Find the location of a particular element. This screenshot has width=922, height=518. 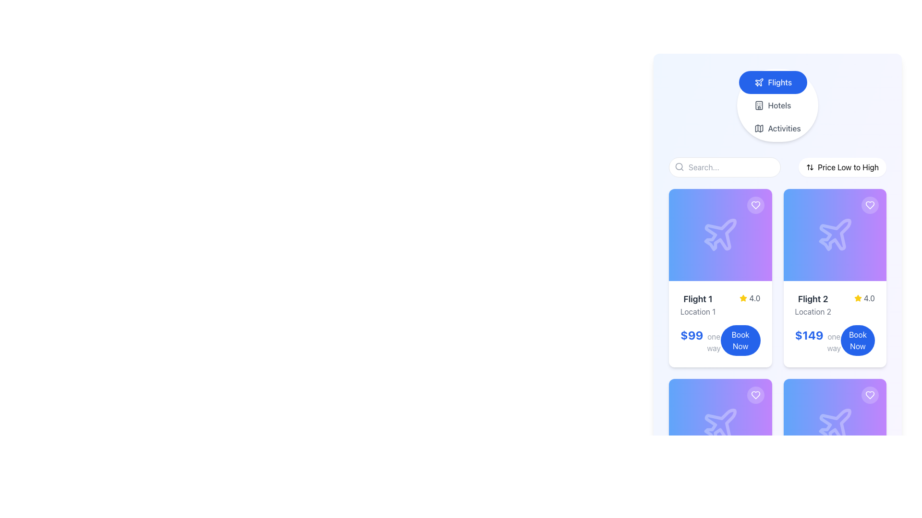

the heart-shaped icon outlined in white located at the top-right corner of the second card in the second row of the grid layout is located at coordinates (870, 395).